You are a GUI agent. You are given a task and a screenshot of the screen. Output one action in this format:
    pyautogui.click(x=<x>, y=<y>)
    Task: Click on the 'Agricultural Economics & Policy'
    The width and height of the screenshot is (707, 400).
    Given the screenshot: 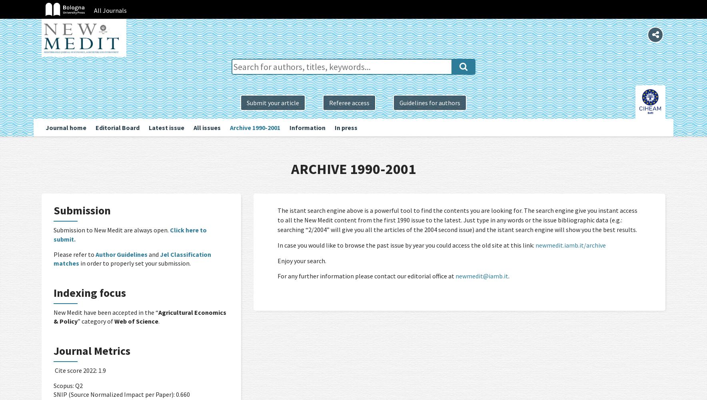 What is the action you would take?
    pyautogui.click(x=140, y=316)
    